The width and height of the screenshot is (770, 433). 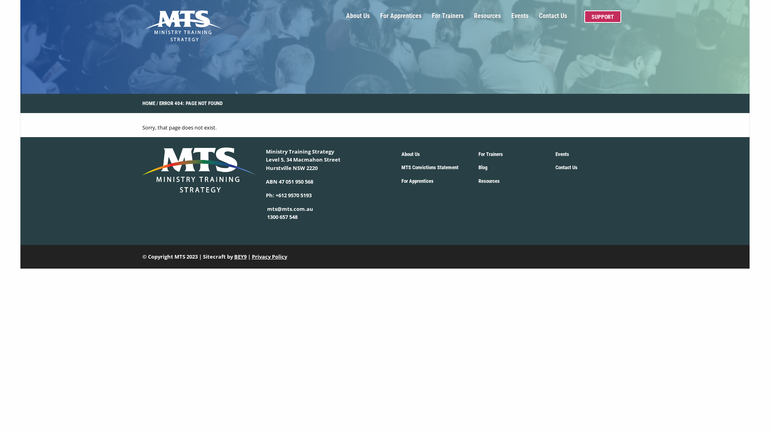 I want to click on 'For Trainers', so click(x=490, y=154).